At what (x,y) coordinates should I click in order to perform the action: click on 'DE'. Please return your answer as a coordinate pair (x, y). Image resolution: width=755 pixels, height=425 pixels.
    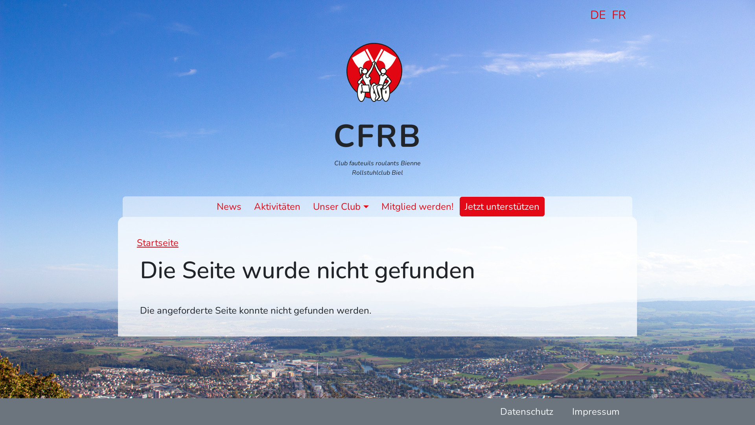
    Looking at the image, I should click on (598, 15).